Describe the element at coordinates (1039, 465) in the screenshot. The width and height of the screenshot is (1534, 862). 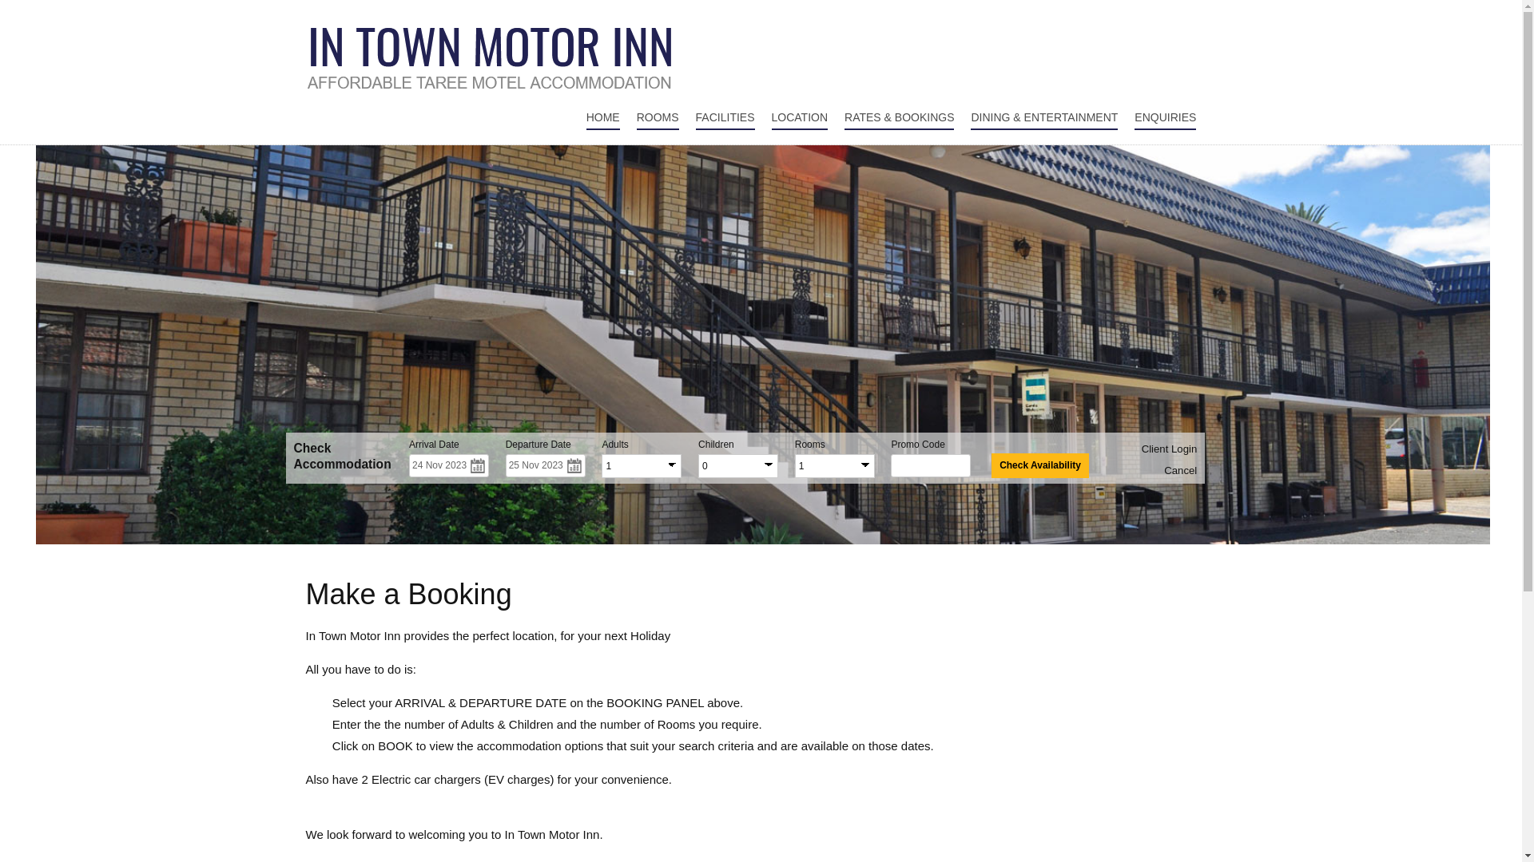
I see `'Check Availability'` at that location.